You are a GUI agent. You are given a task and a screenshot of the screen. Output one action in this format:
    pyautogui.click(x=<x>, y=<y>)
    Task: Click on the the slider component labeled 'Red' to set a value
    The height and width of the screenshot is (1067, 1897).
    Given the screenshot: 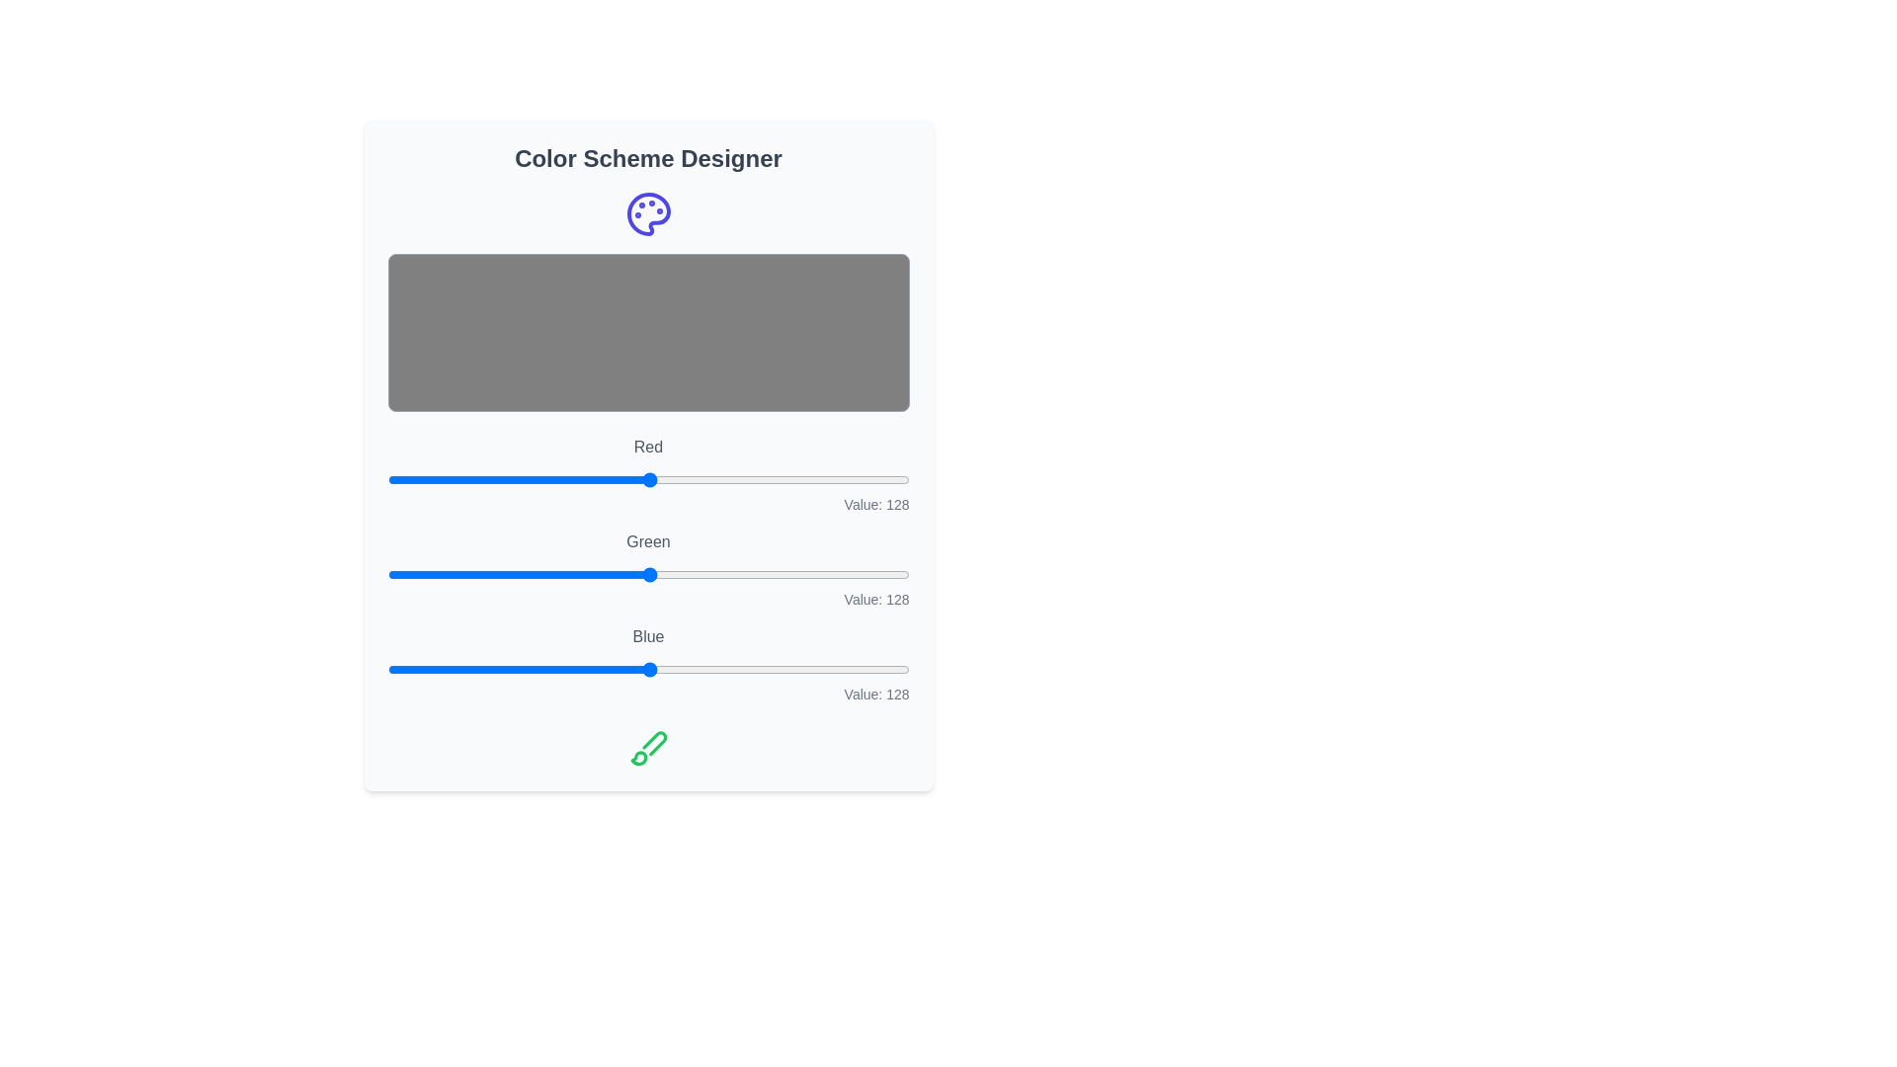 What is the action you would take?
    pyautogui.click(x=648, y=480)
    